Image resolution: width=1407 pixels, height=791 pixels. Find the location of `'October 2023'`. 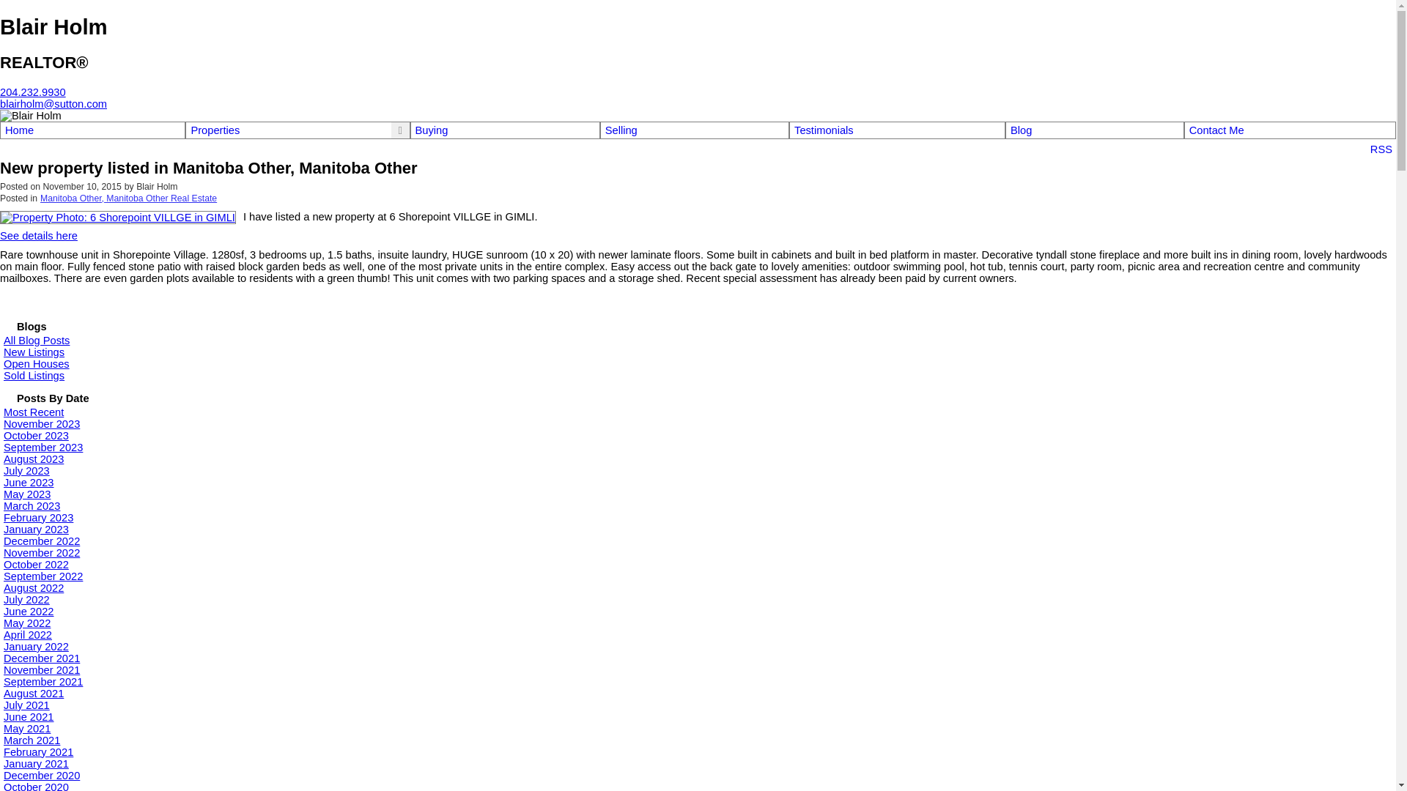

'October 2023' is located at coordinates (3, 434).